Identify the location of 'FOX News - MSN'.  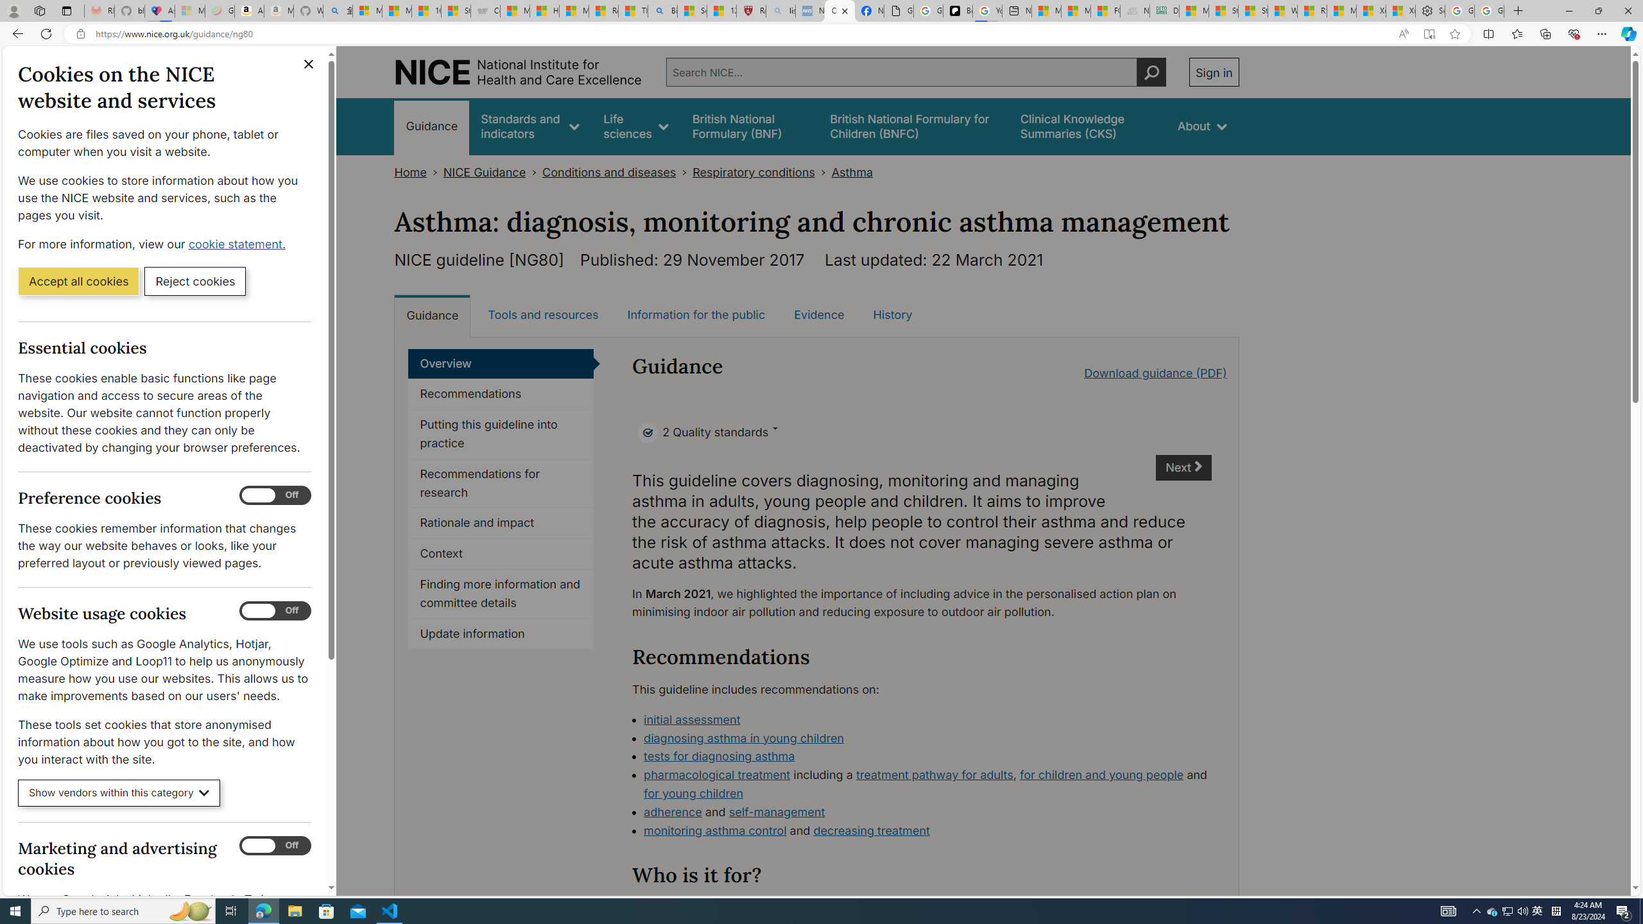
(1105, 10).